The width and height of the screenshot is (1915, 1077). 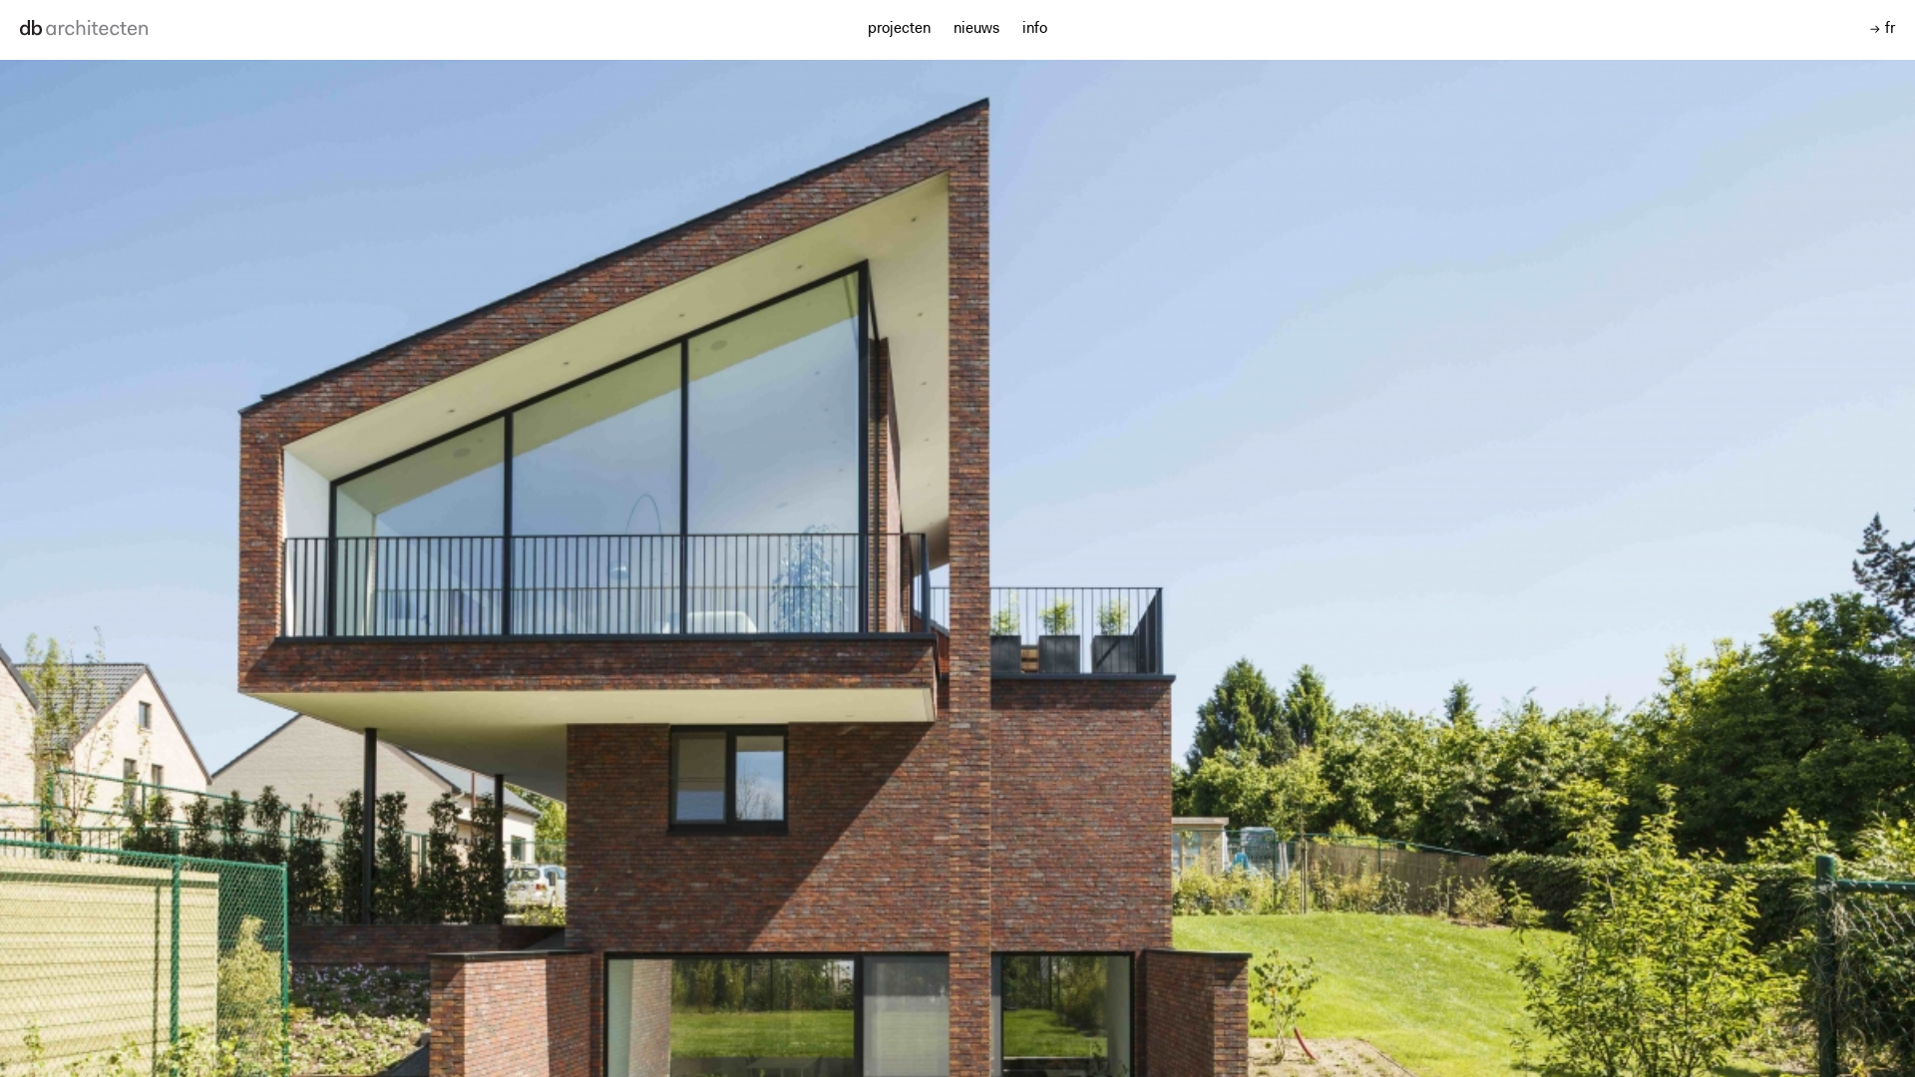 What do you see at coordinates (952, 29) in the screenshot?
I see `'nieuws'` at bounding box center [952, 29].